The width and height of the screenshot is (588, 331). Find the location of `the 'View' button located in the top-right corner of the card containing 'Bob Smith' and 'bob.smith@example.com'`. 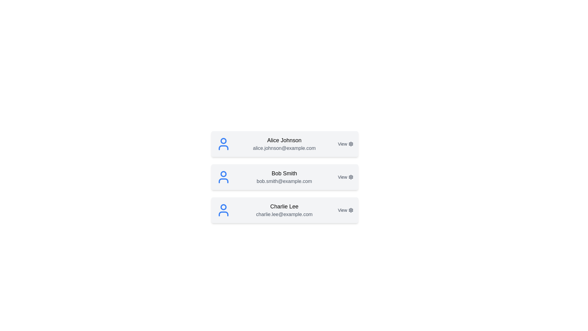

the 'View' button located in the top-right corner of the card containing 'Bob Smith' and 'bob.smith@example.com' is located at coordinates (345, 177).